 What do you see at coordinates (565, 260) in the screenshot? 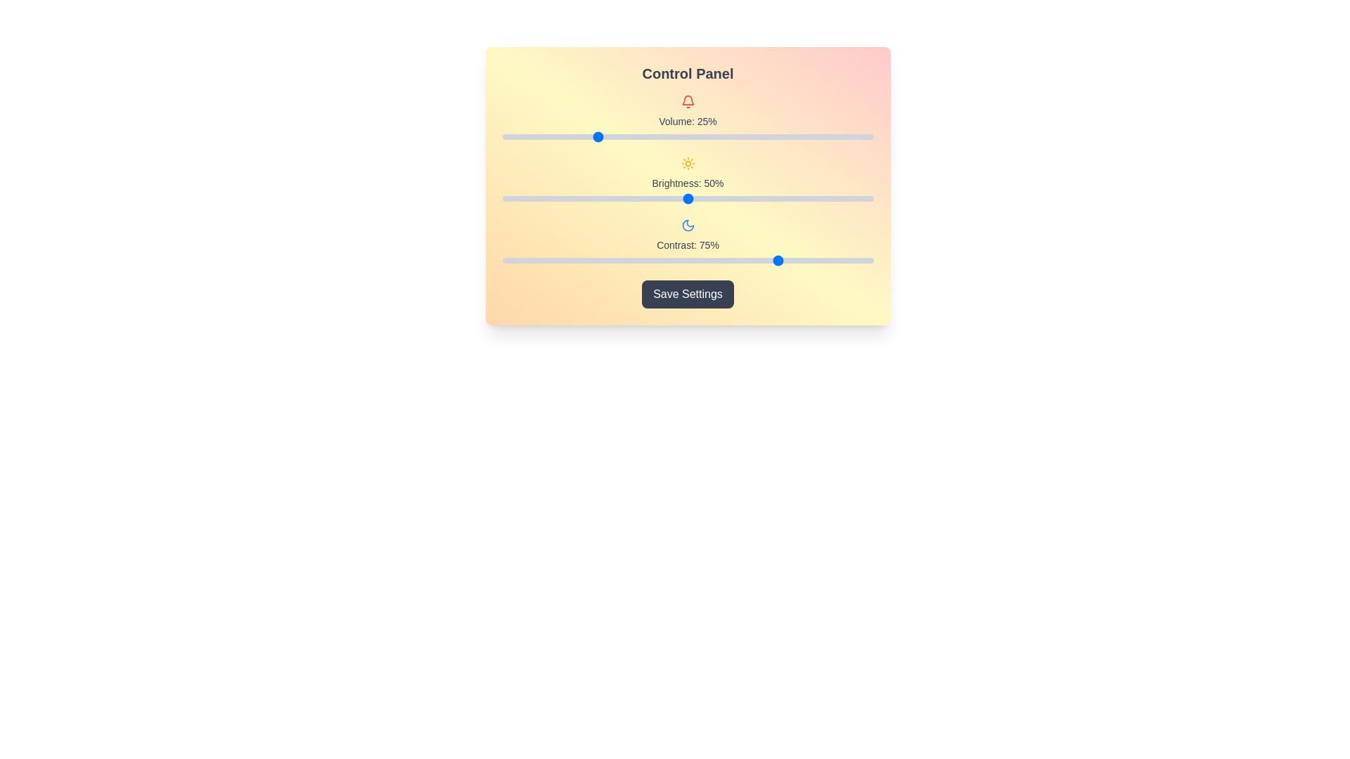
I see `contrast level` at bounding box center [565, 260].